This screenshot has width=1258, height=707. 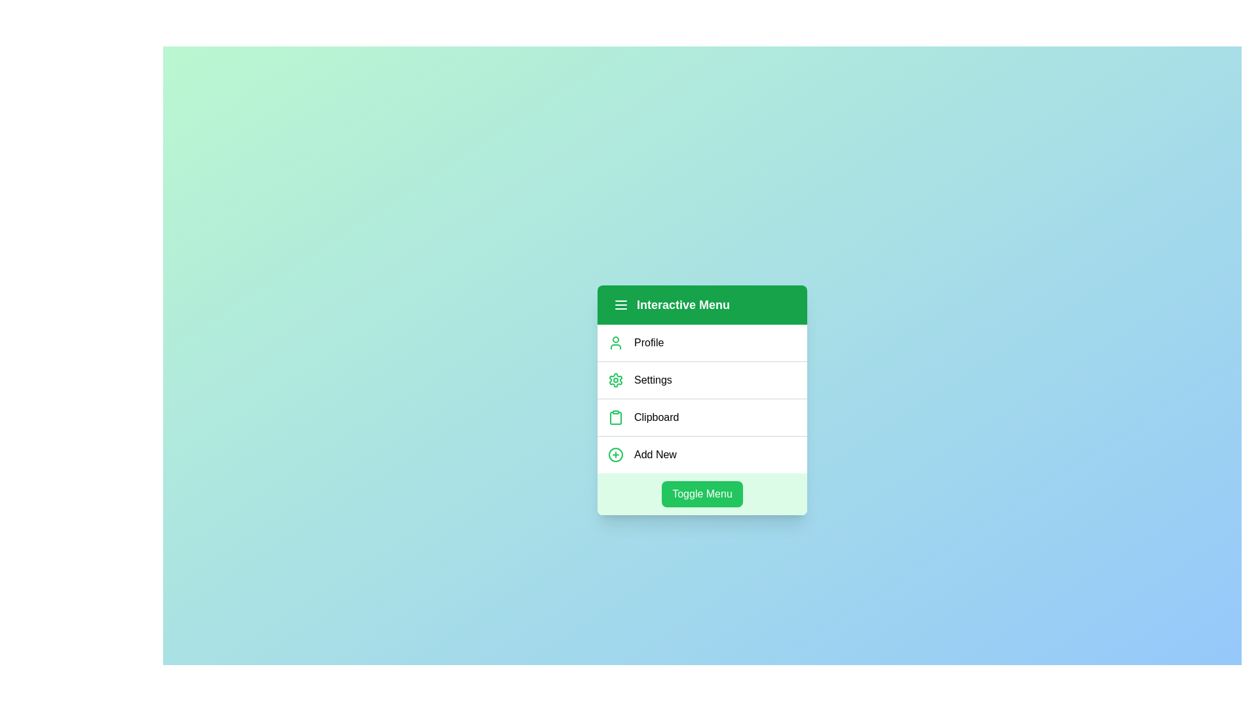 What do you see at coordinates (701, 454) in the screenshot?
I see `the menu item Add New` at bounding box center [701, 454].